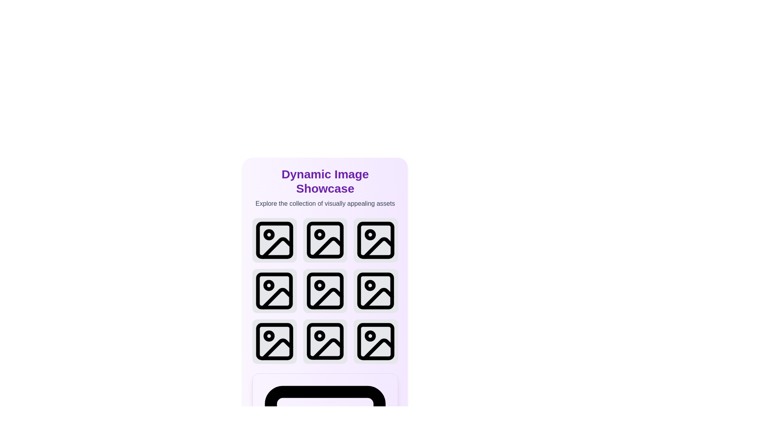  I want to click on the image placeholder located in the bottom row, center column of the 3x4 grid, so click(325, 341).